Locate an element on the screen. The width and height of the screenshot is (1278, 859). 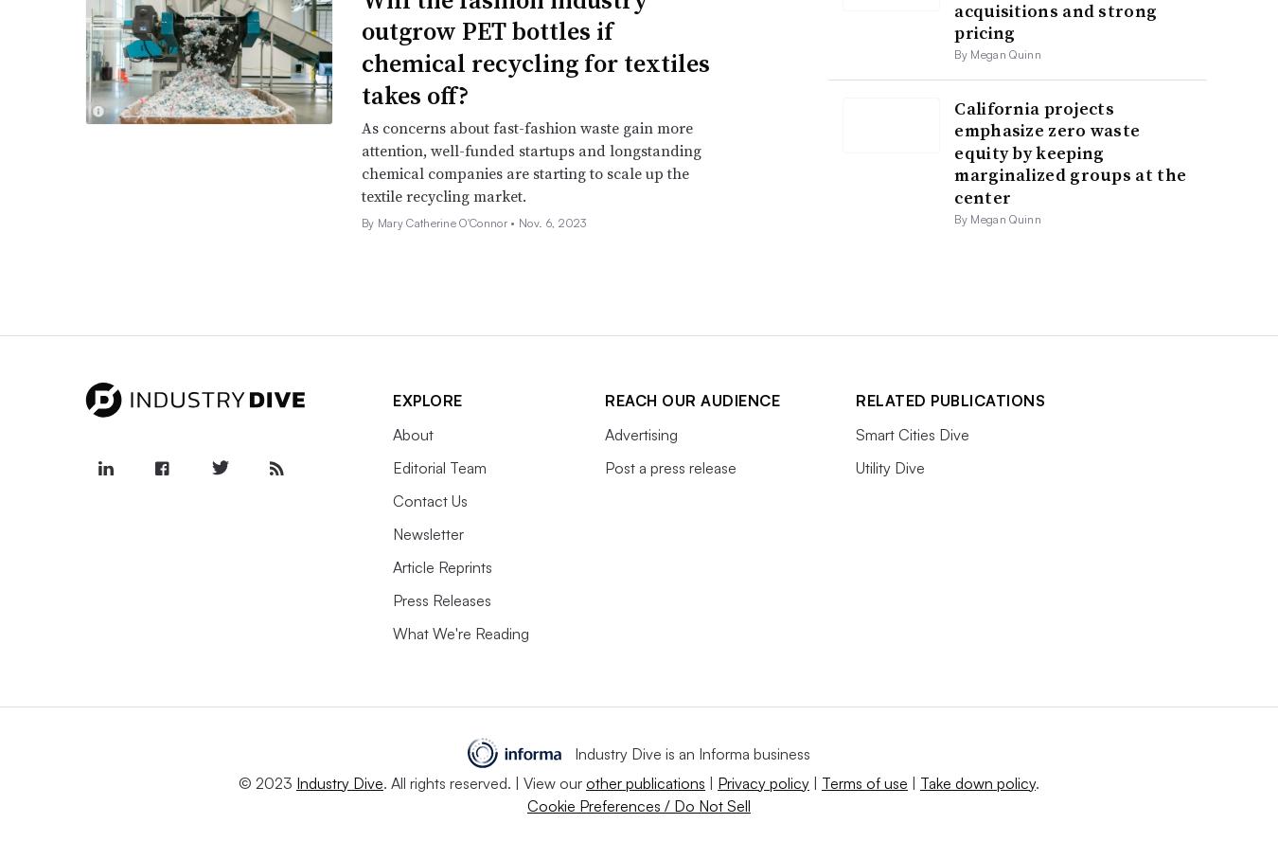
'As concerns about fast-fashion waste gain more attention, well-funded startups and longstanding chemical companies are starting to scale up the textile recycling market.' is located at coordinates (529, 159).